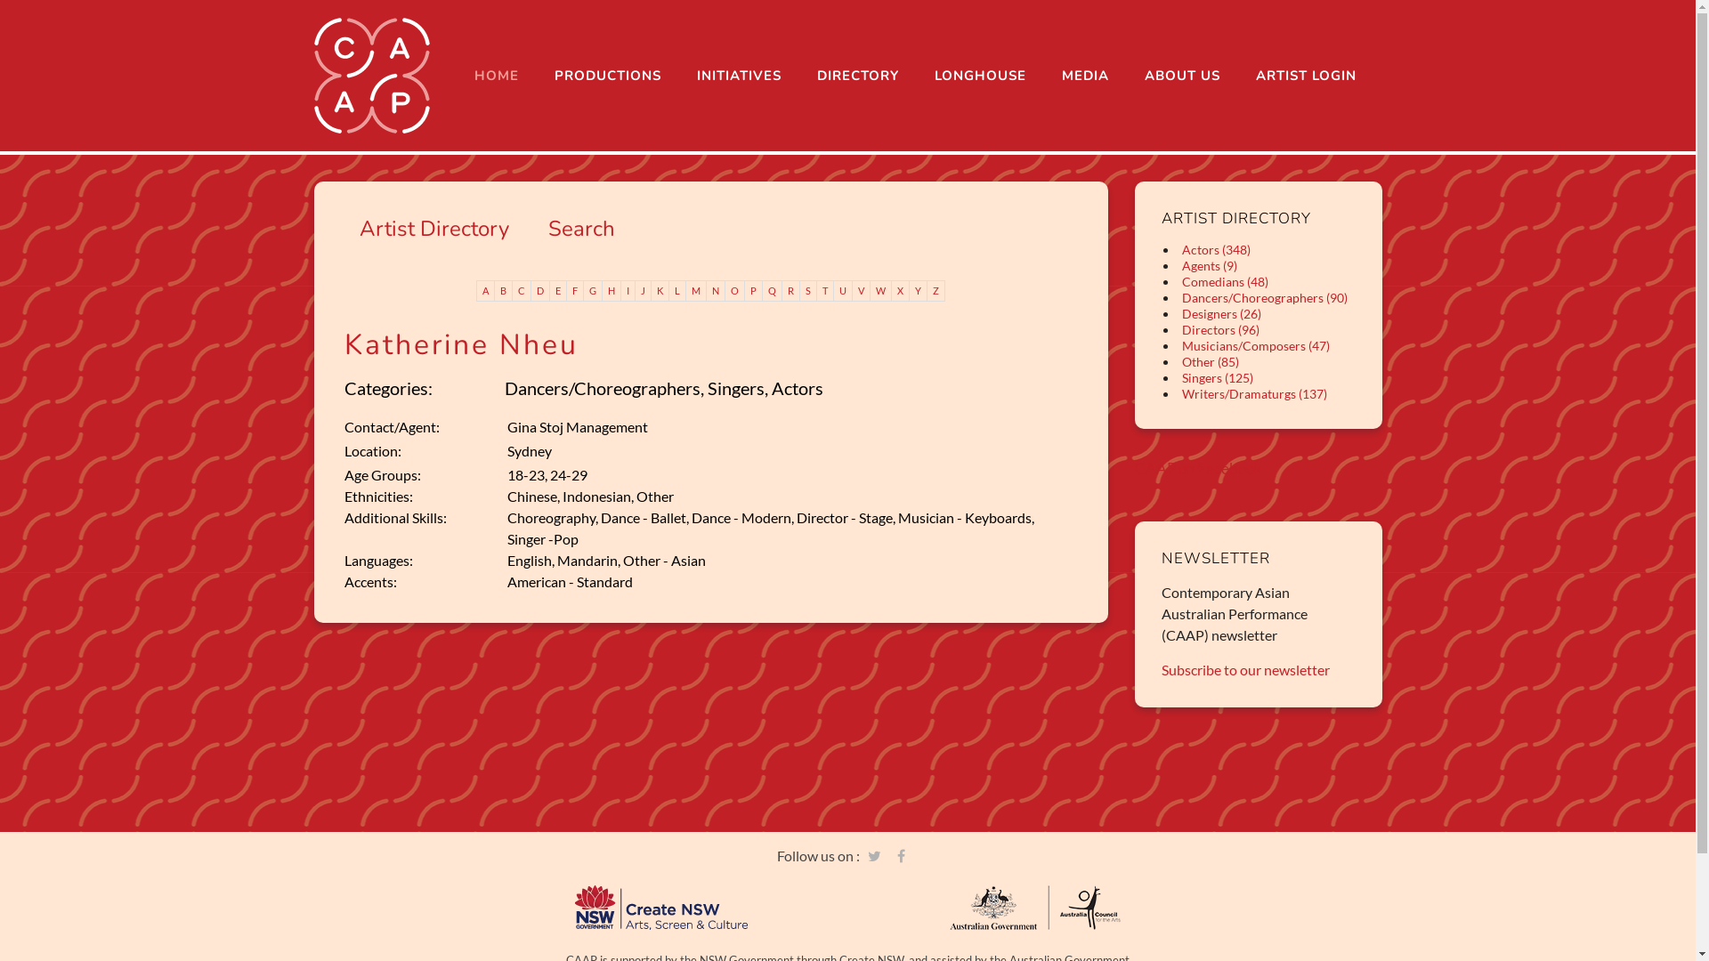 The height and width of the screenshot is (961, 1709). What do you see at coordinates (539, 290) in the screenshot?
I see `'D'` at bounding box center [539, 290].